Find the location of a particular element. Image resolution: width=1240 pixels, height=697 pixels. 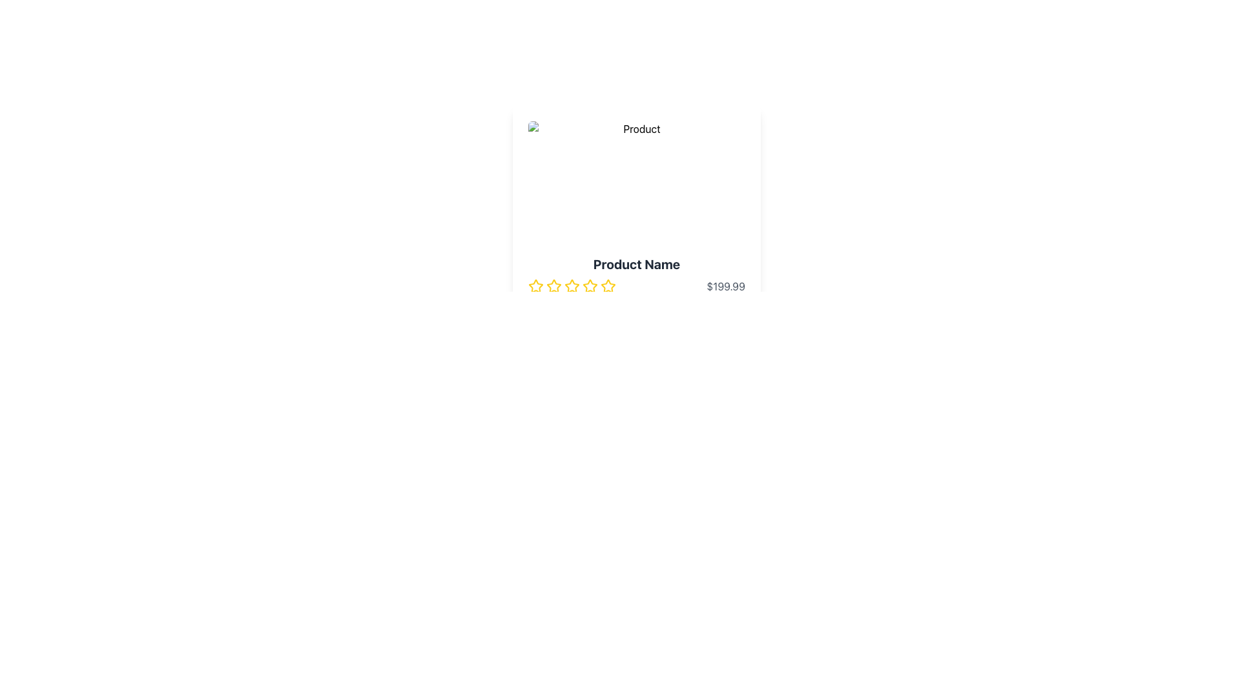

the bold text label displaying 'Product Name', which is centrally aligned at the top of the product details section is located at coordinates (636, 263).